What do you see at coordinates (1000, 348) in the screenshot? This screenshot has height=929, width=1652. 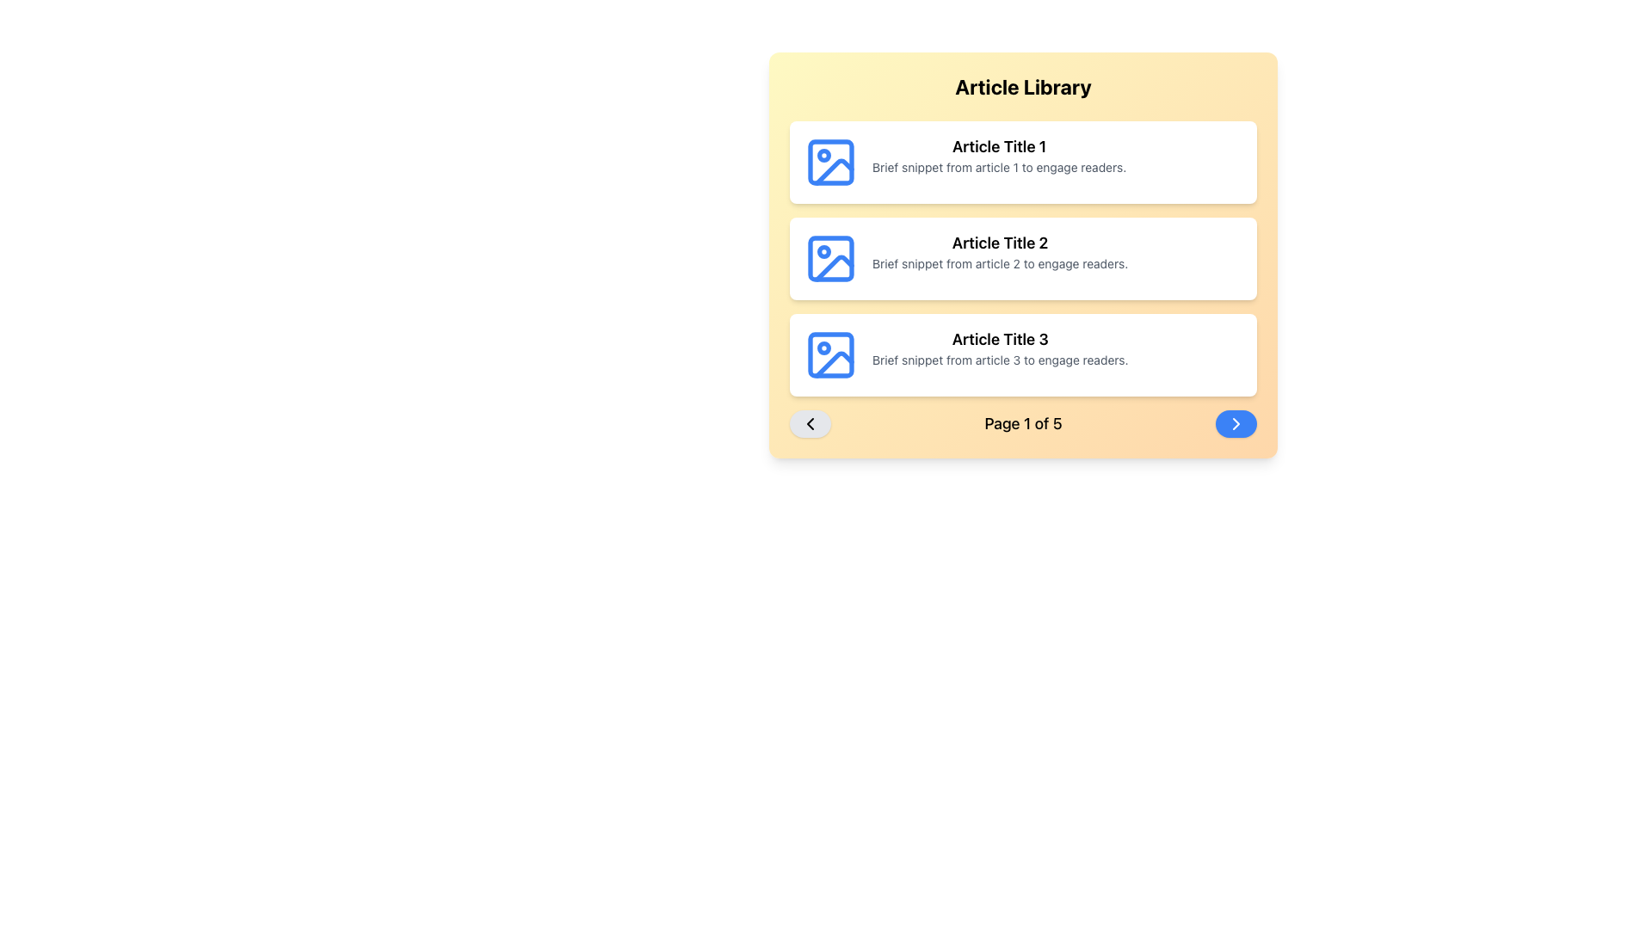 I see `the text display element that shows the article's title and summary snippet, located in the third item of the list under the 'Article Library' heading` at bounding box center [1000, 348].